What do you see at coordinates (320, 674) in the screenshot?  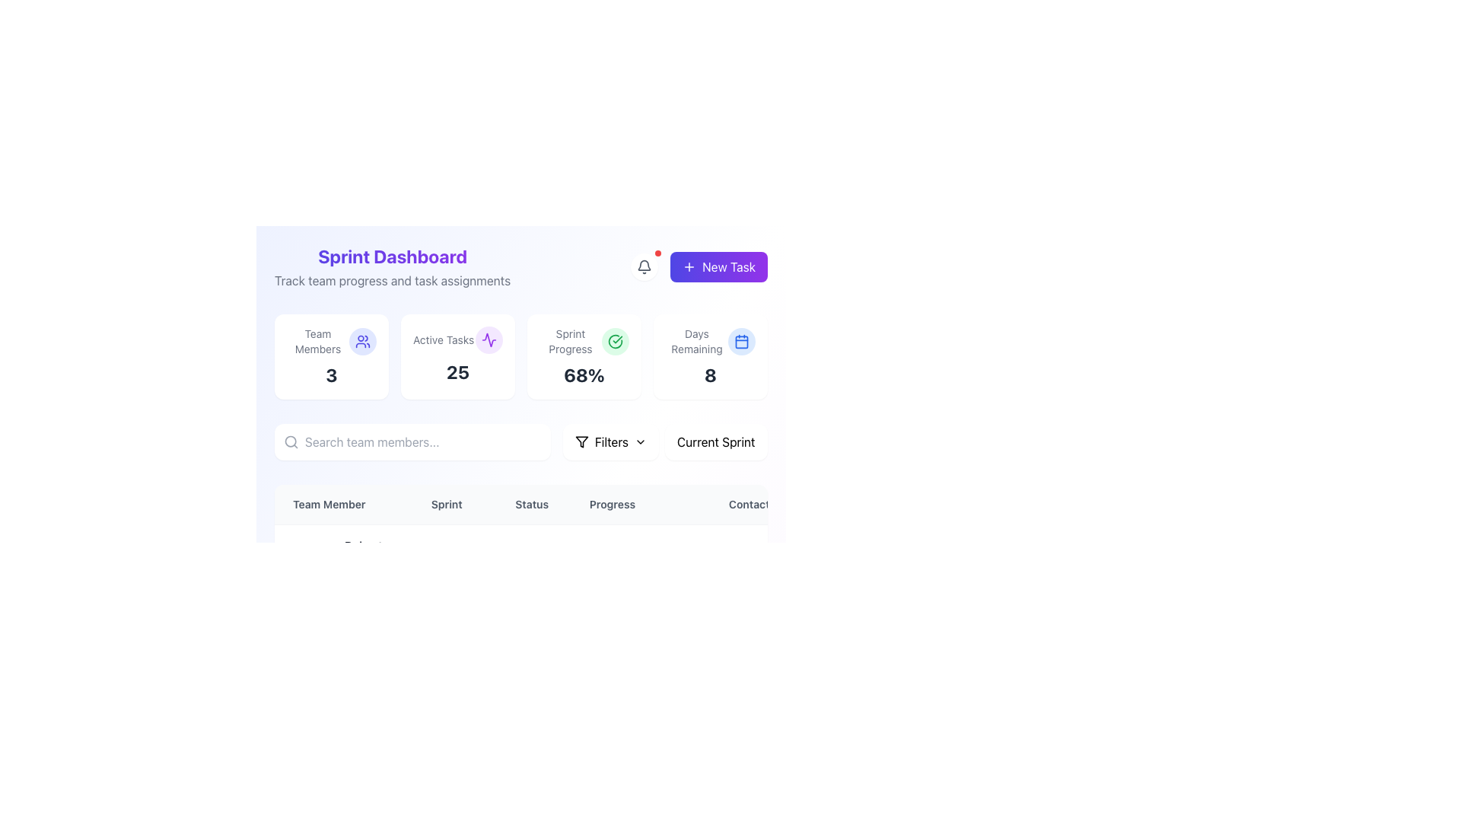 I see `the small circular badge located at the bottom right corner of the larger circular element containing the letter 'J', which has a yellow background and white border` at bounding box center [320, 674].